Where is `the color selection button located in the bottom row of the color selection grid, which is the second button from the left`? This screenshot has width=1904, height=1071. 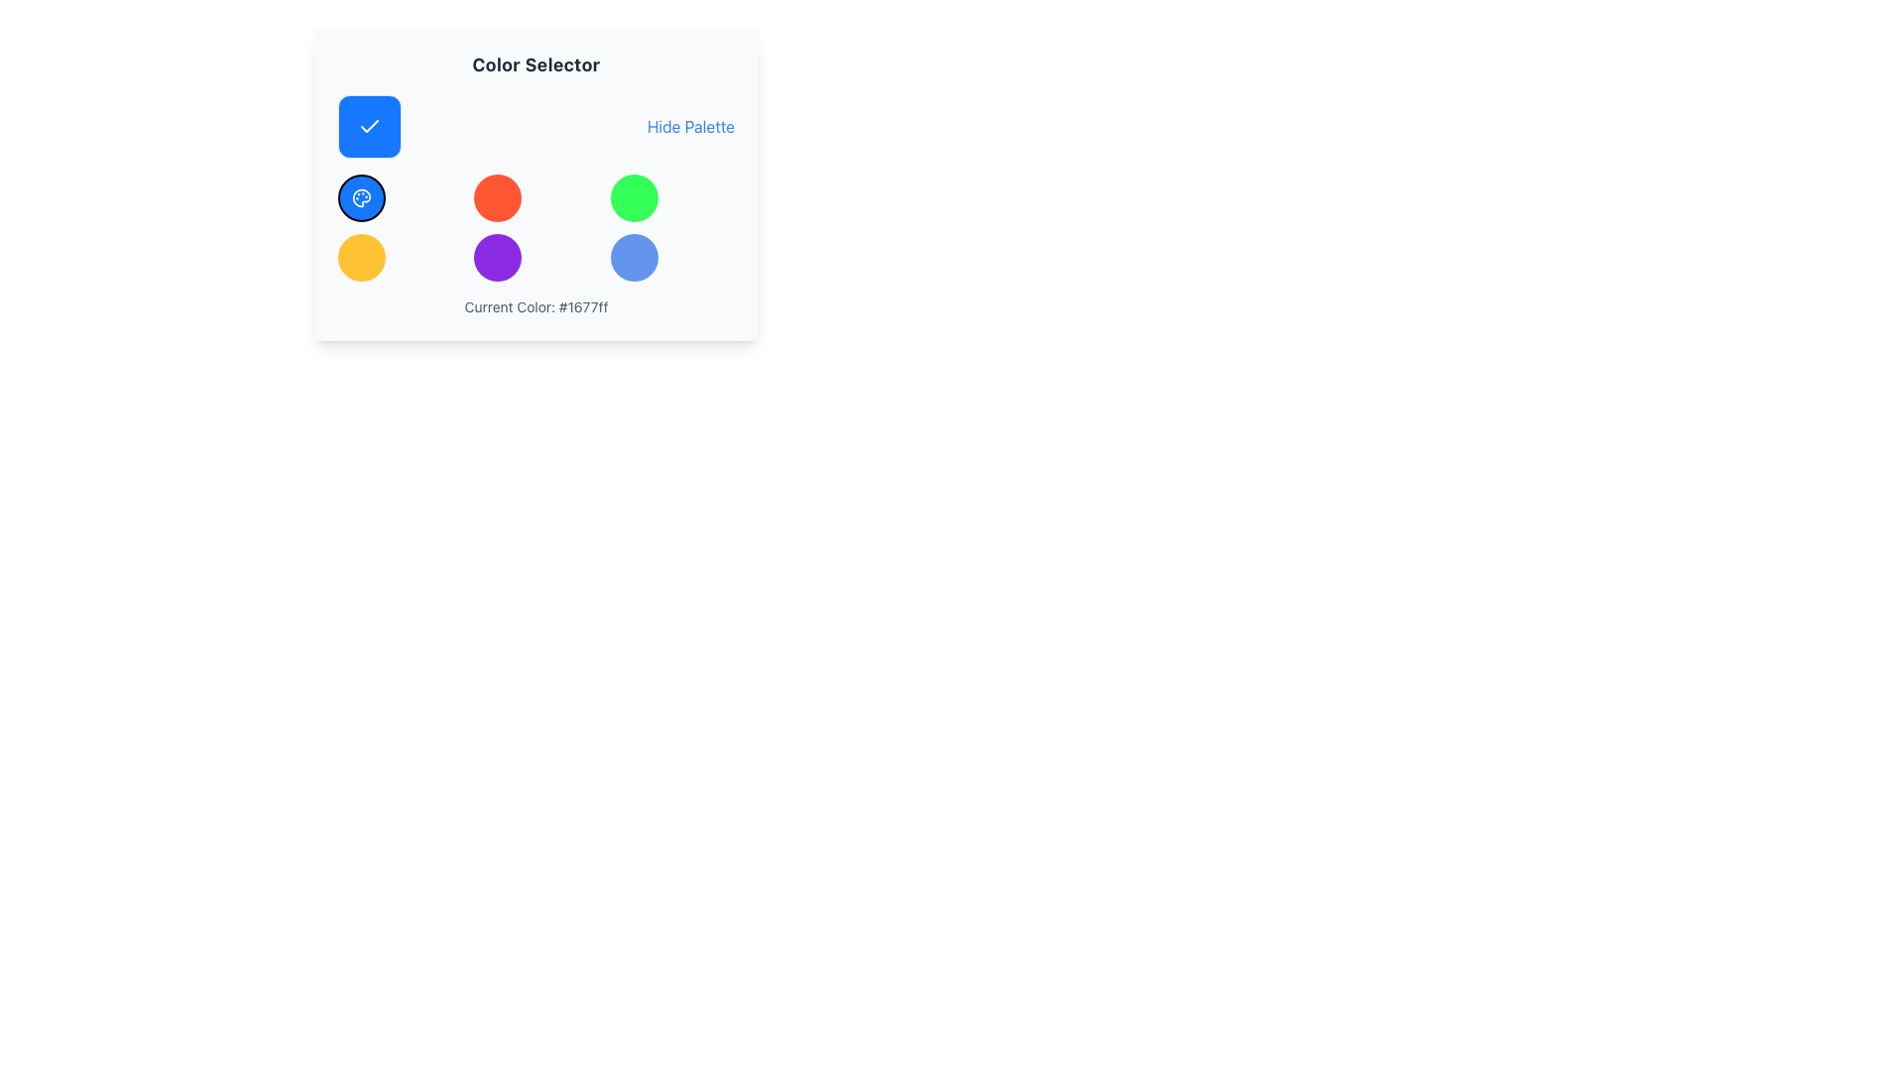 the color selection button located in the bottom row of the color selection grid, which is the second button from the left is located at coordinates (498, 256).